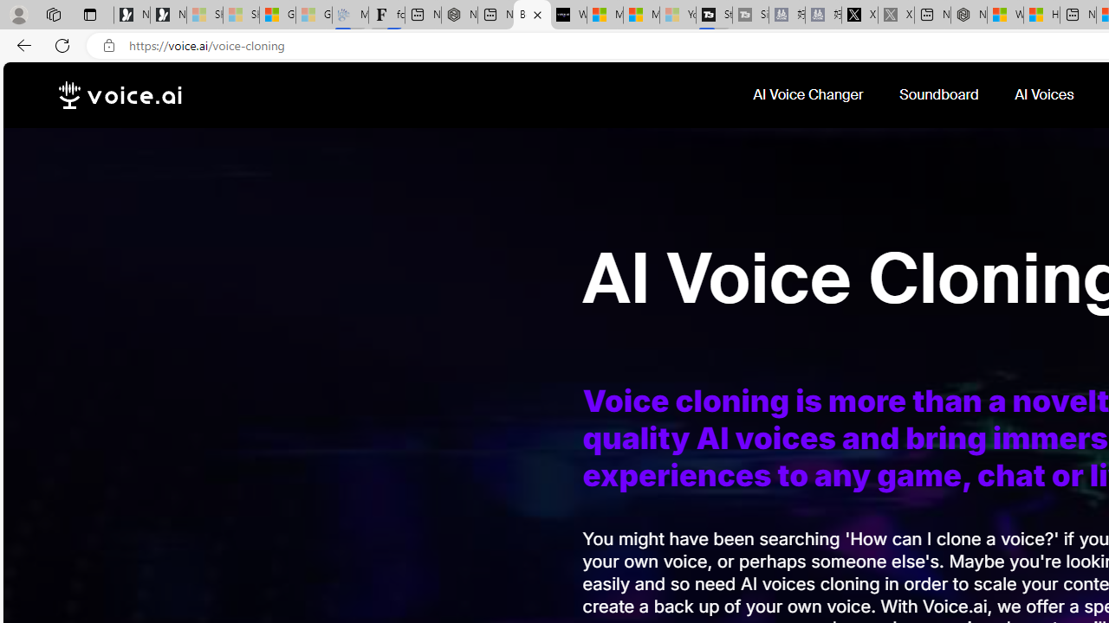 The image size is (1109, 623). I want to click on 'AI Voices ', so click(1045, 94).